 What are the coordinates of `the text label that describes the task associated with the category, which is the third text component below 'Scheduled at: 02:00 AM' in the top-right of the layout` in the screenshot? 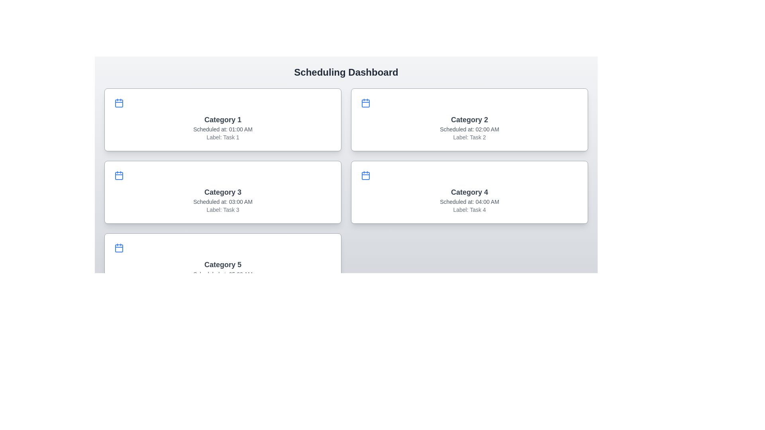 It's located at (469, 137).